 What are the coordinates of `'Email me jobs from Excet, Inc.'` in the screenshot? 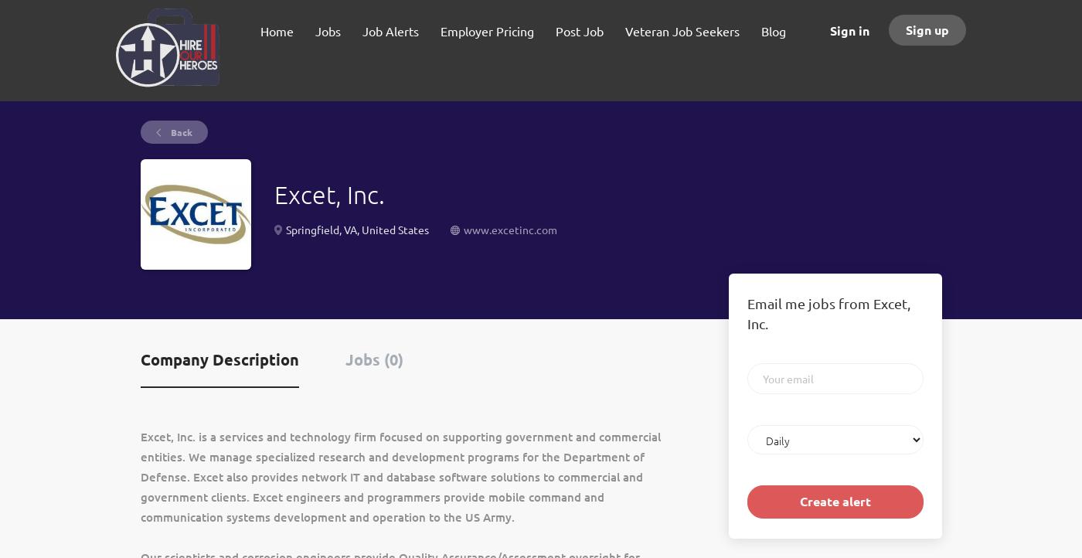 It's located at (828, 313).